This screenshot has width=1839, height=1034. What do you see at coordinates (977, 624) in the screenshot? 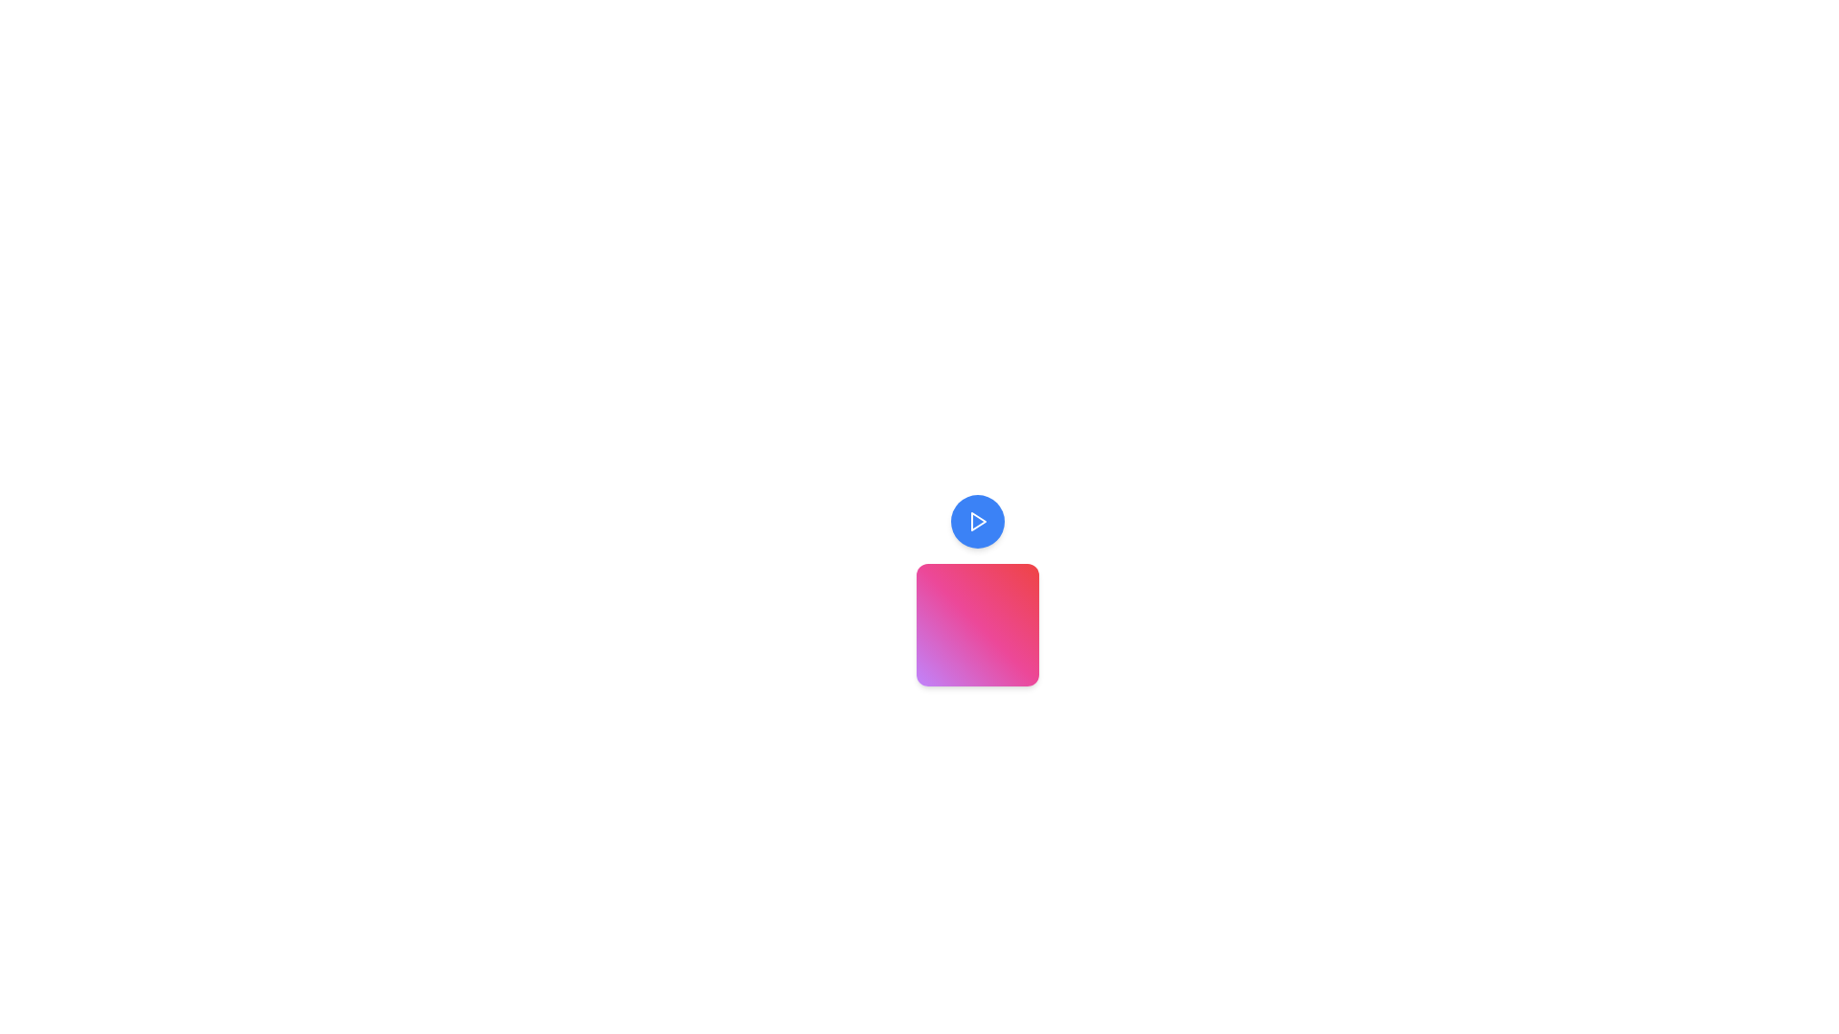
I see `the square-shaped Decorative UI element with a gradient background transitioning from purple to pink to red, located below the blue circular button with a white play icon` at bounding box center [977, 624].